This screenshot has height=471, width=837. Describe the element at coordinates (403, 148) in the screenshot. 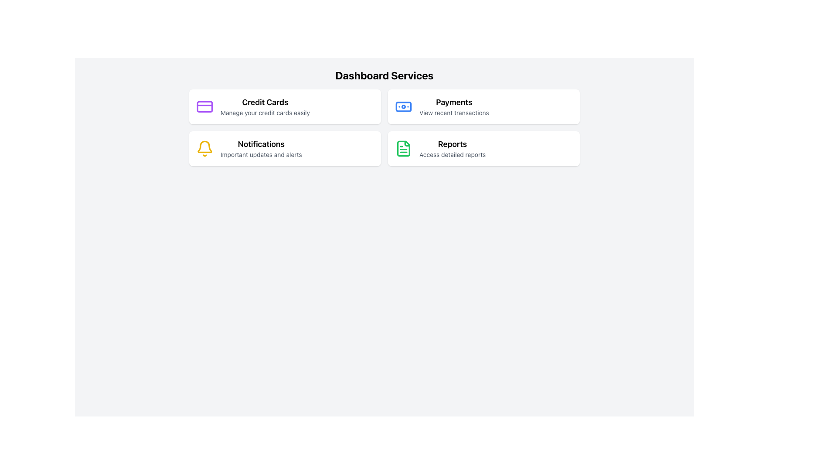

I see `the green document icon located in the 'Reports' section of the dashboard services options` at that location.